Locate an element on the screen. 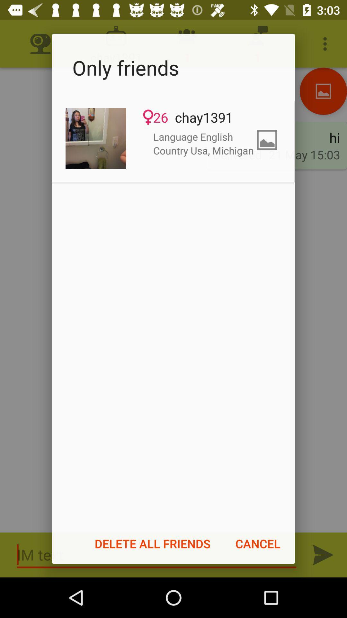  item below country usa, michigan icon is located at coordinates (257, 543).